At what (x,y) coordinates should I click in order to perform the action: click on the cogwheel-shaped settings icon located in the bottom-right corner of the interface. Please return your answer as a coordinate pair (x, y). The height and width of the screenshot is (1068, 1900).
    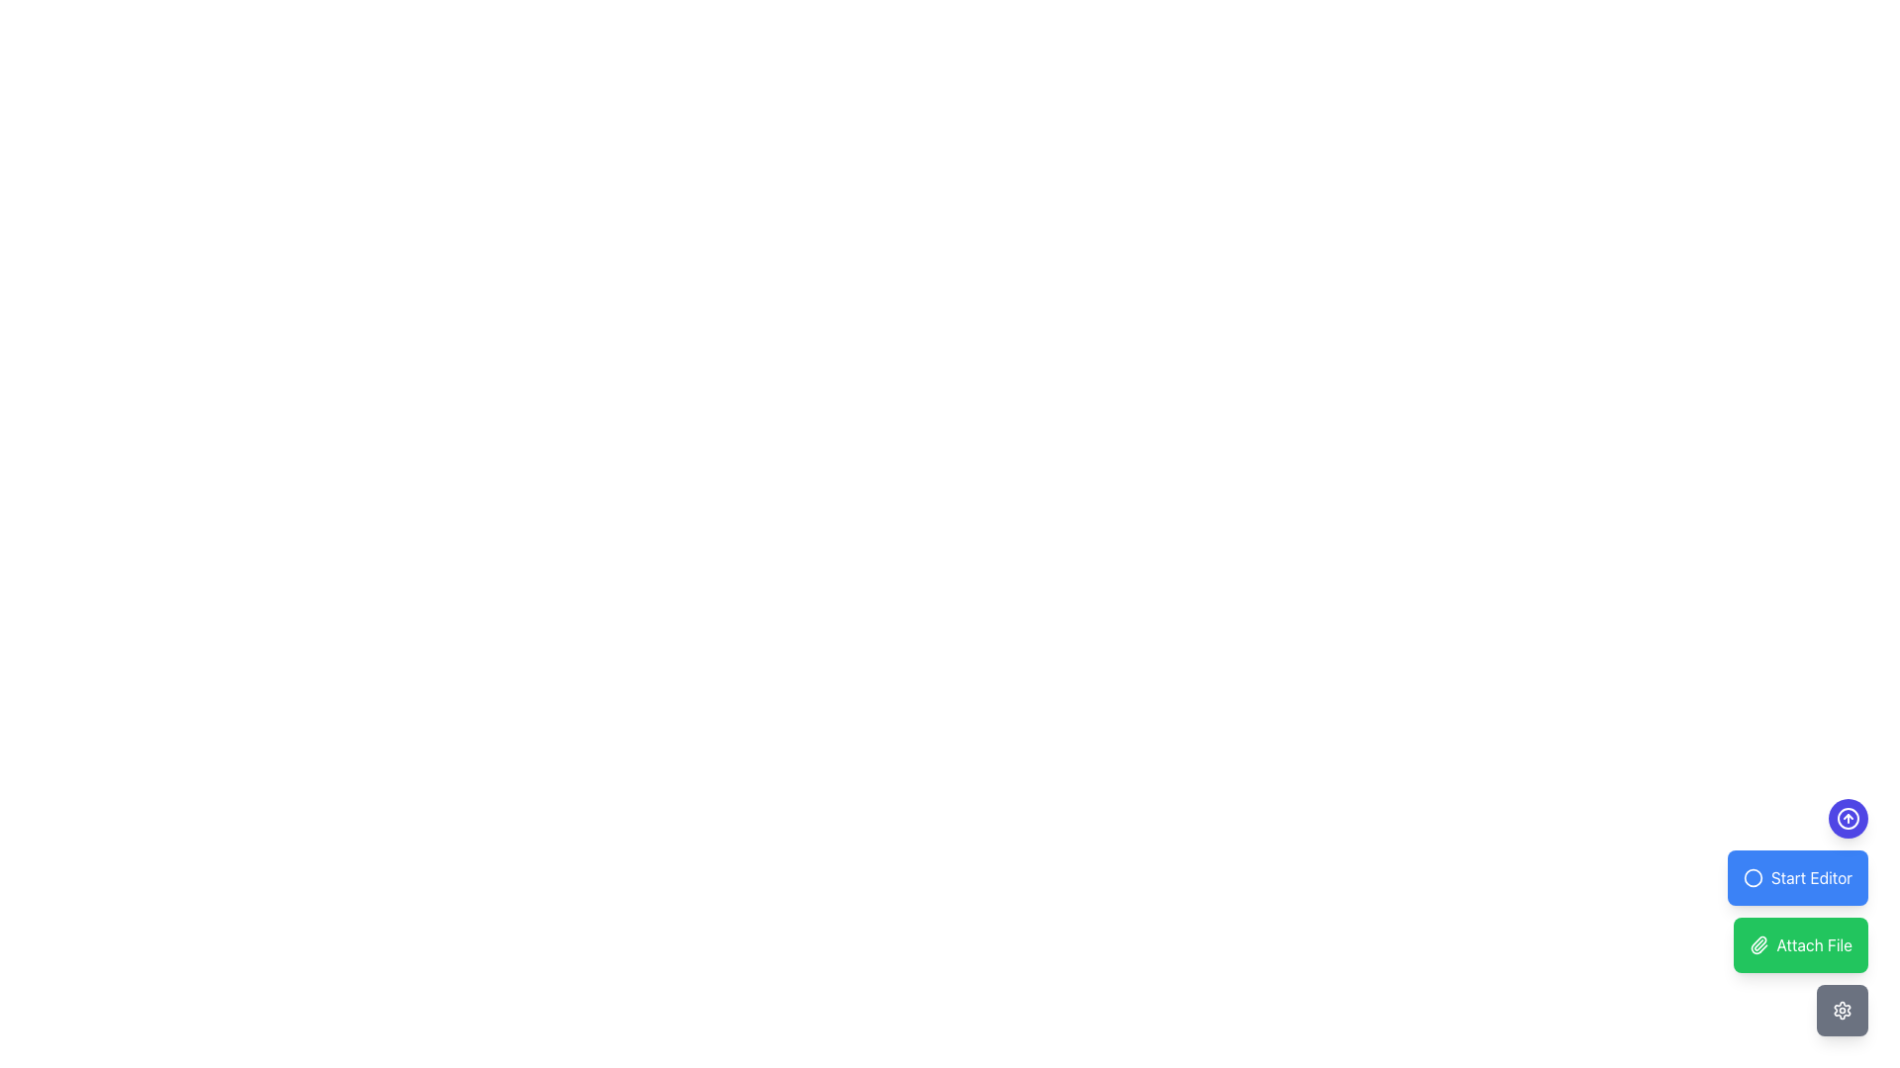
    Looking at the image, I should click on (1842, 1011).